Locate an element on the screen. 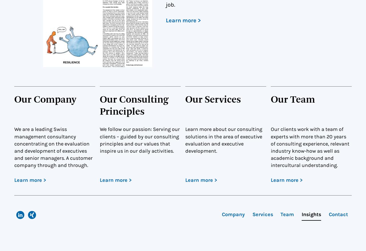  'Insights' is located at coordinates (311, 214).